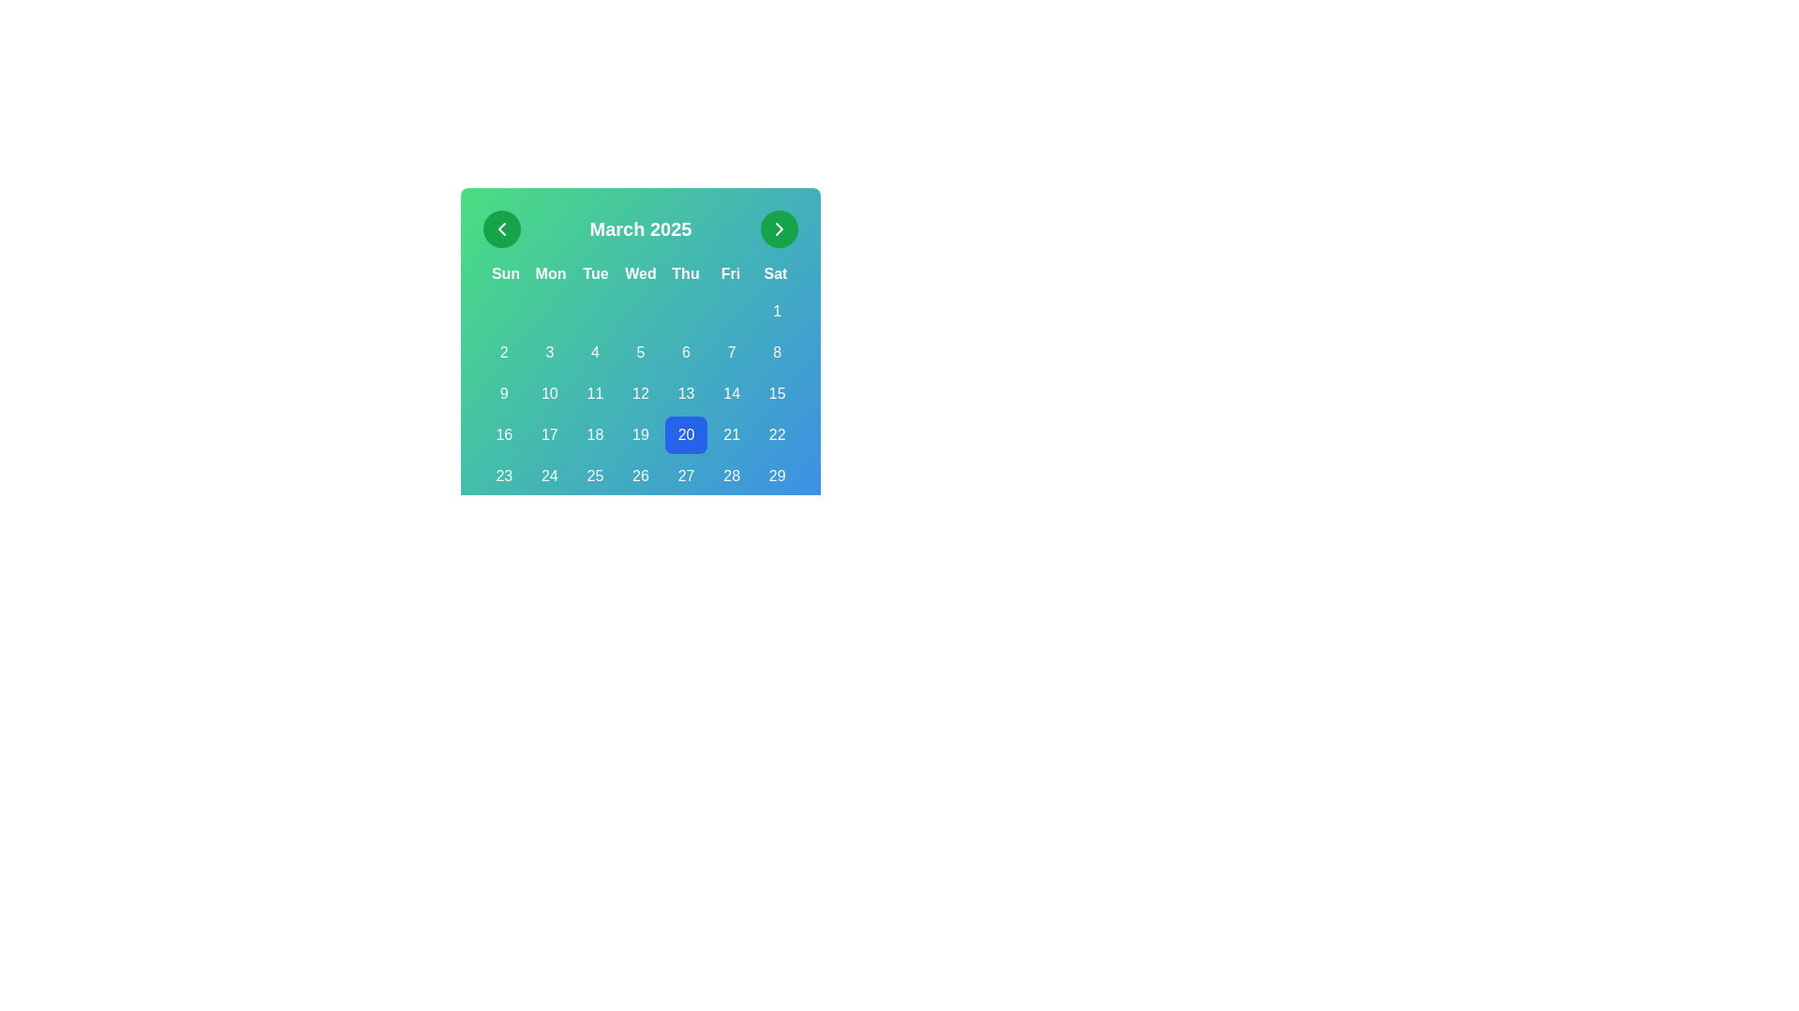 The height and width of the screenshot is (1011, 1799). Describe the element at coordinates (594, 392) in the screenshot. I see `the button representing the day '11' in the calendar interface` at that location.